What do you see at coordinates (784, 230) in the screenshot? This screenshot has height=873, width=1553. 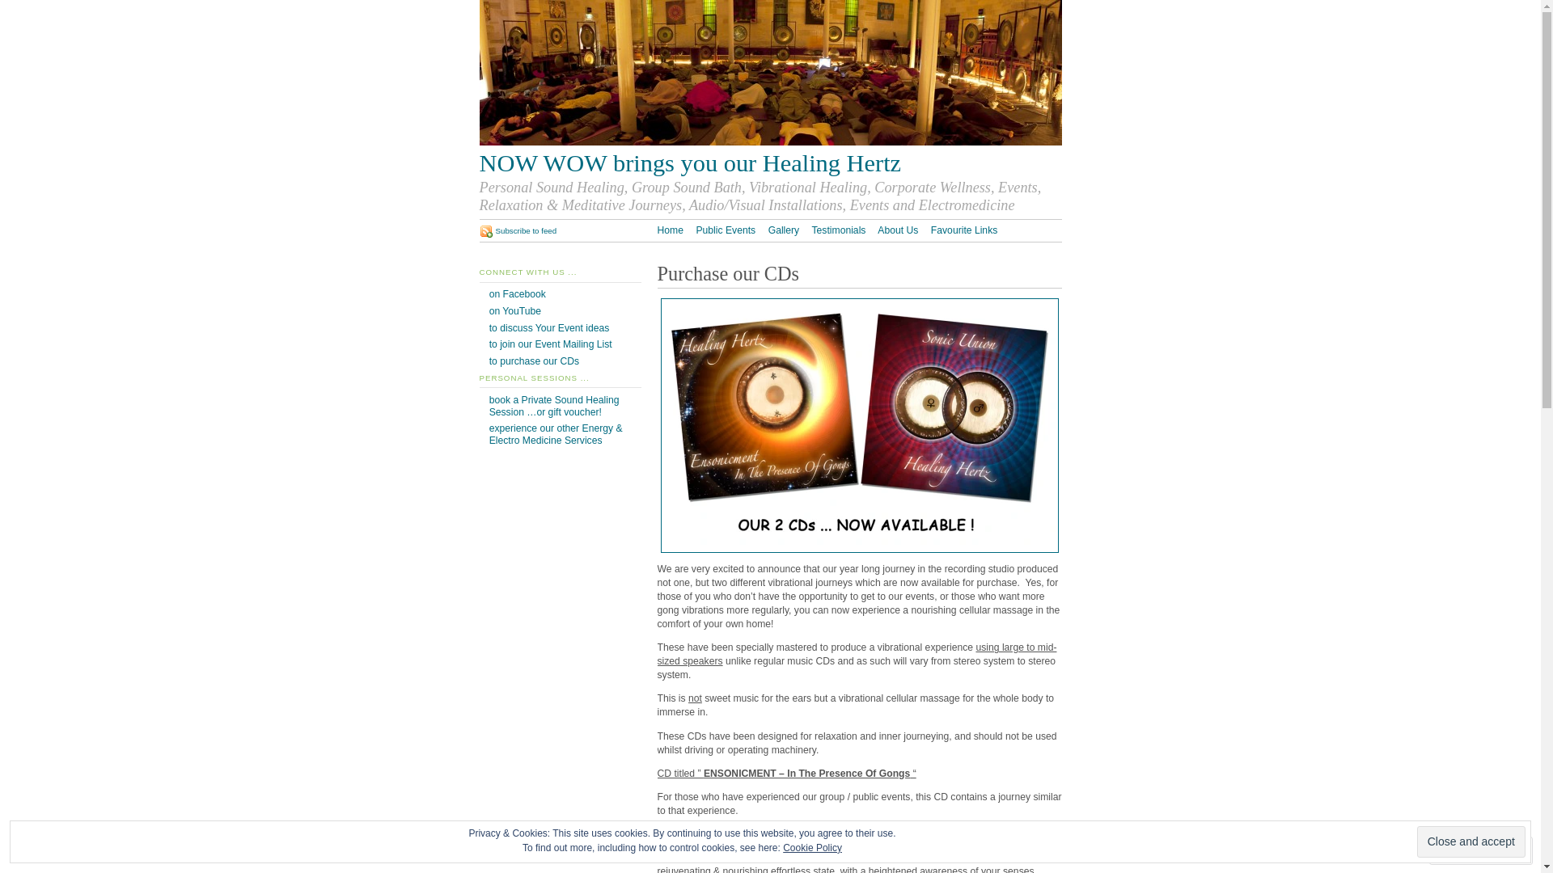 I see `'Gallery'` at bounding box center [784, 230].